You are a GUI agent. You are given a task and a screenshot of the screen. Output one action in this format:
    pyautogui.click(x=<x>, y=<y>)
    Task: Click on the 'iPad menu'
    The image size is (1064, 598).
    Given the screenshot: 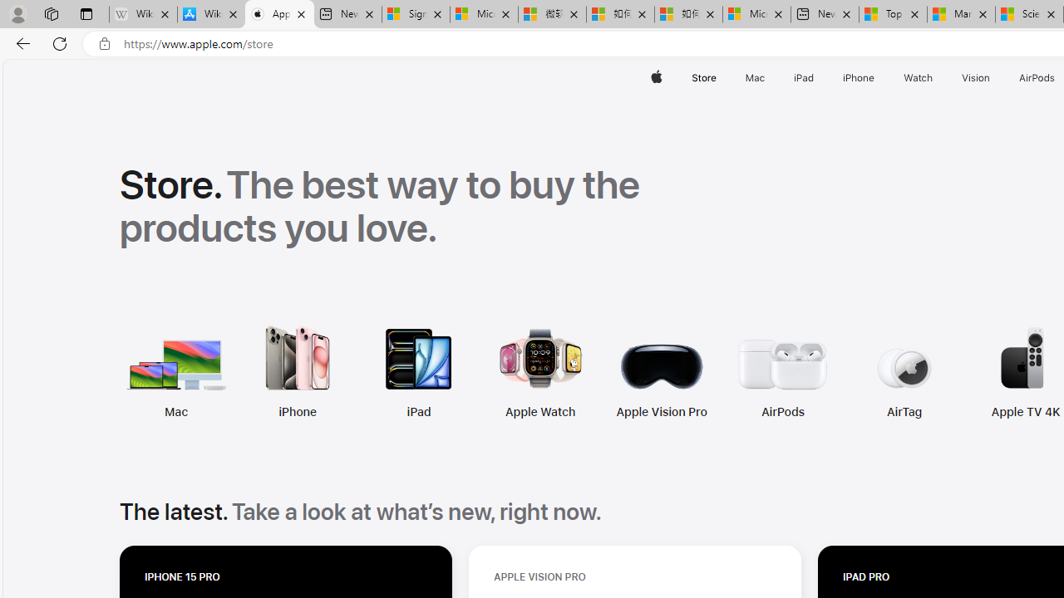 What is the action you would take?
    pyautogui.click(x=817, y=77)
    